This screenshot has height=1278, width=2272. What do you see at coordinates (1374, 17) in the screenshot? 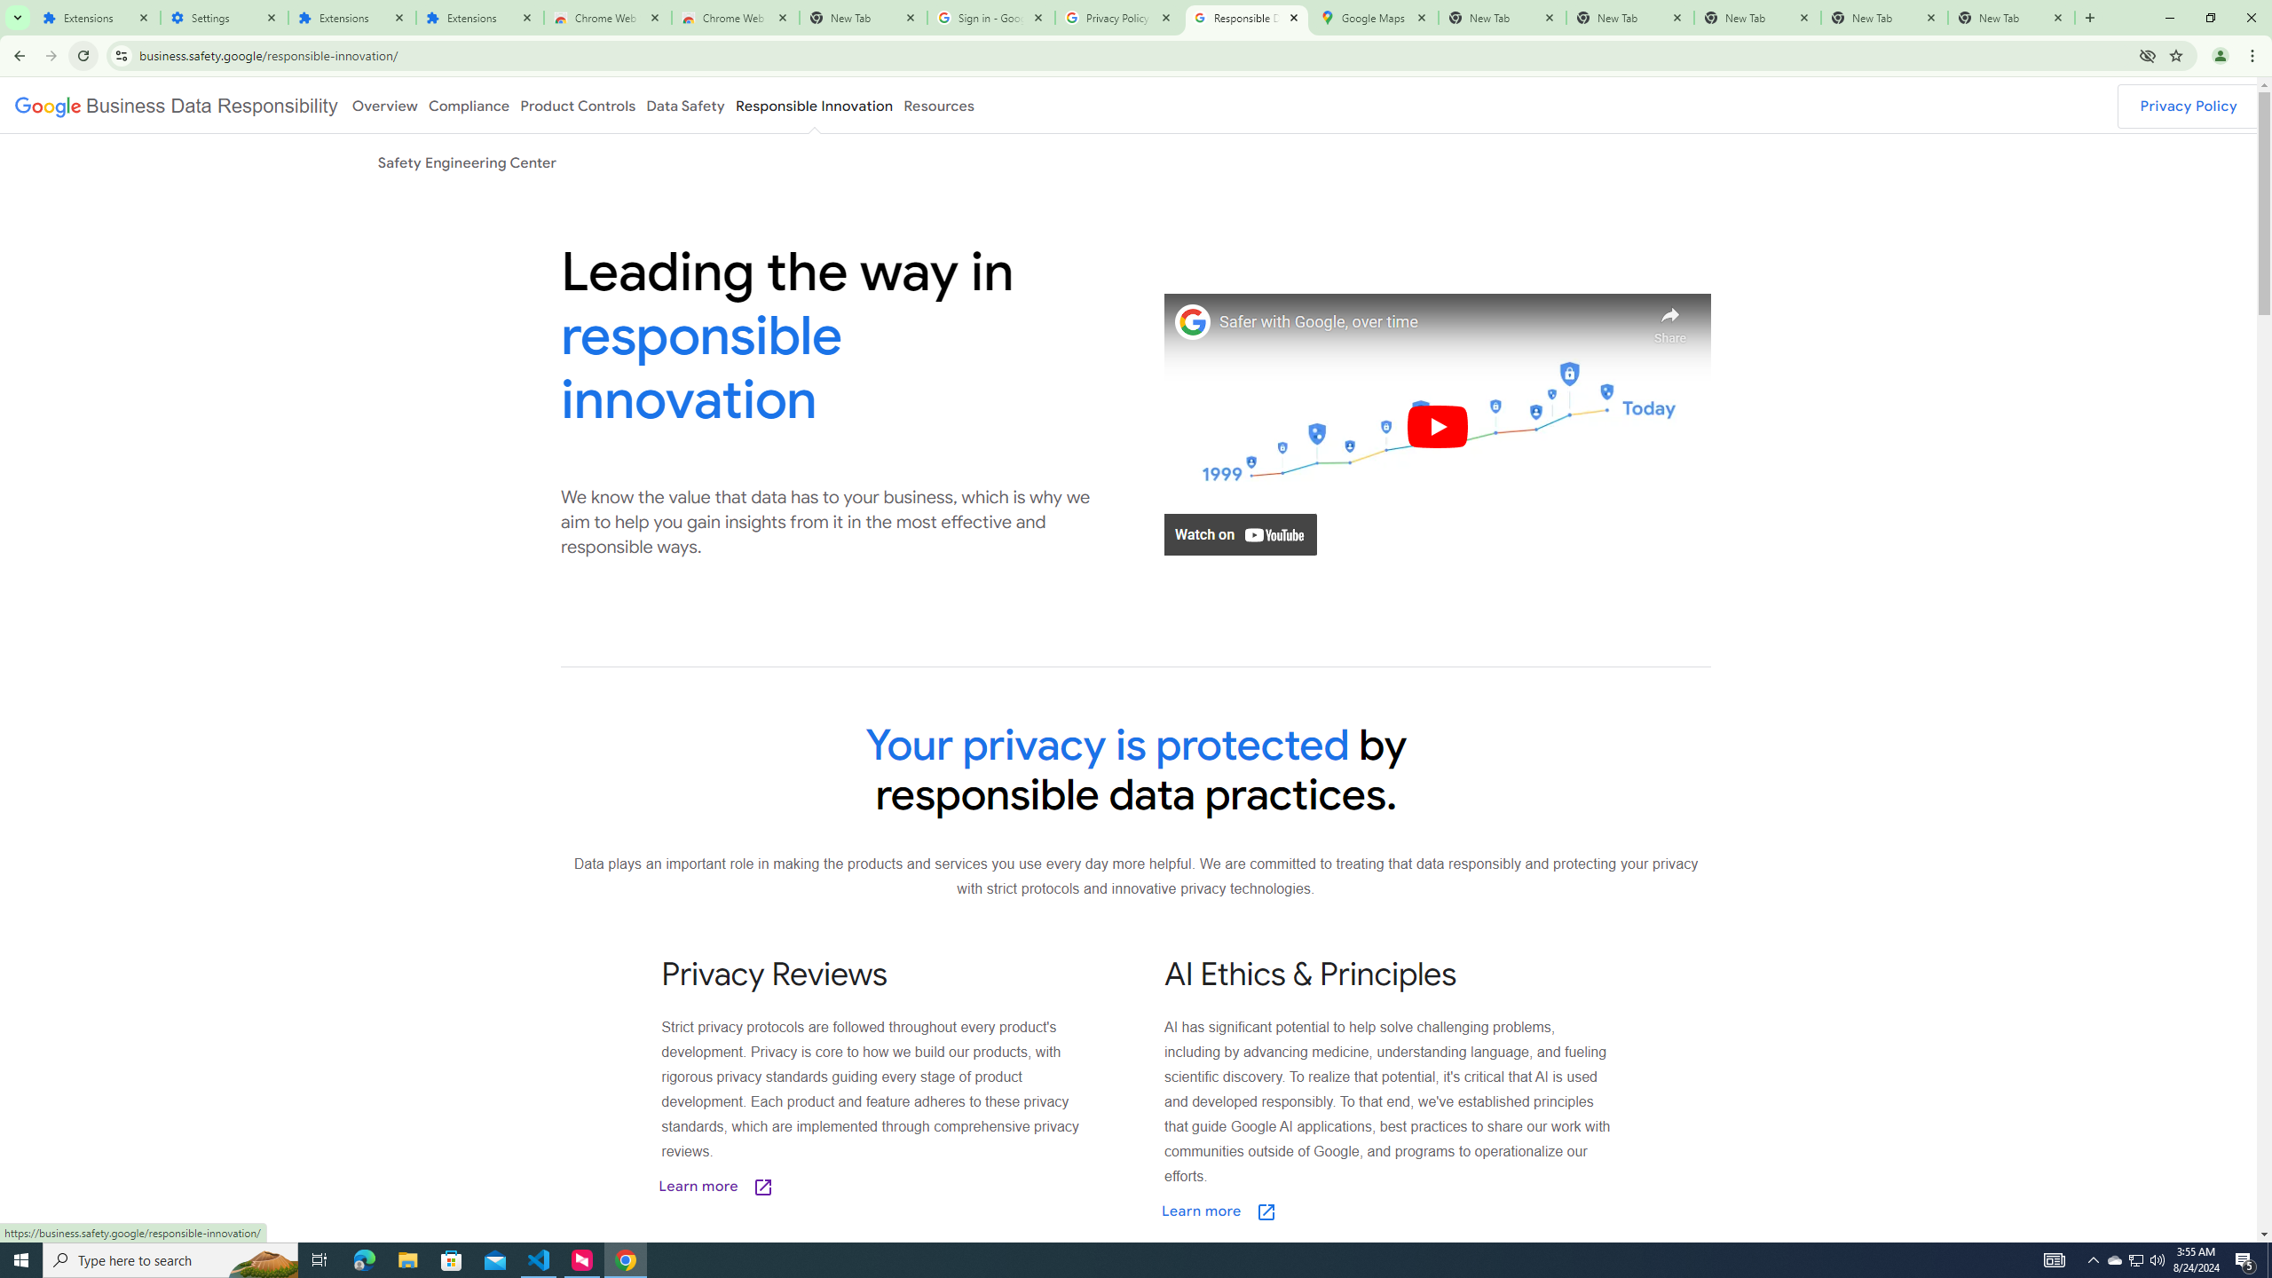
I see `'Google Maps'` at bounding box center [1374, 17].